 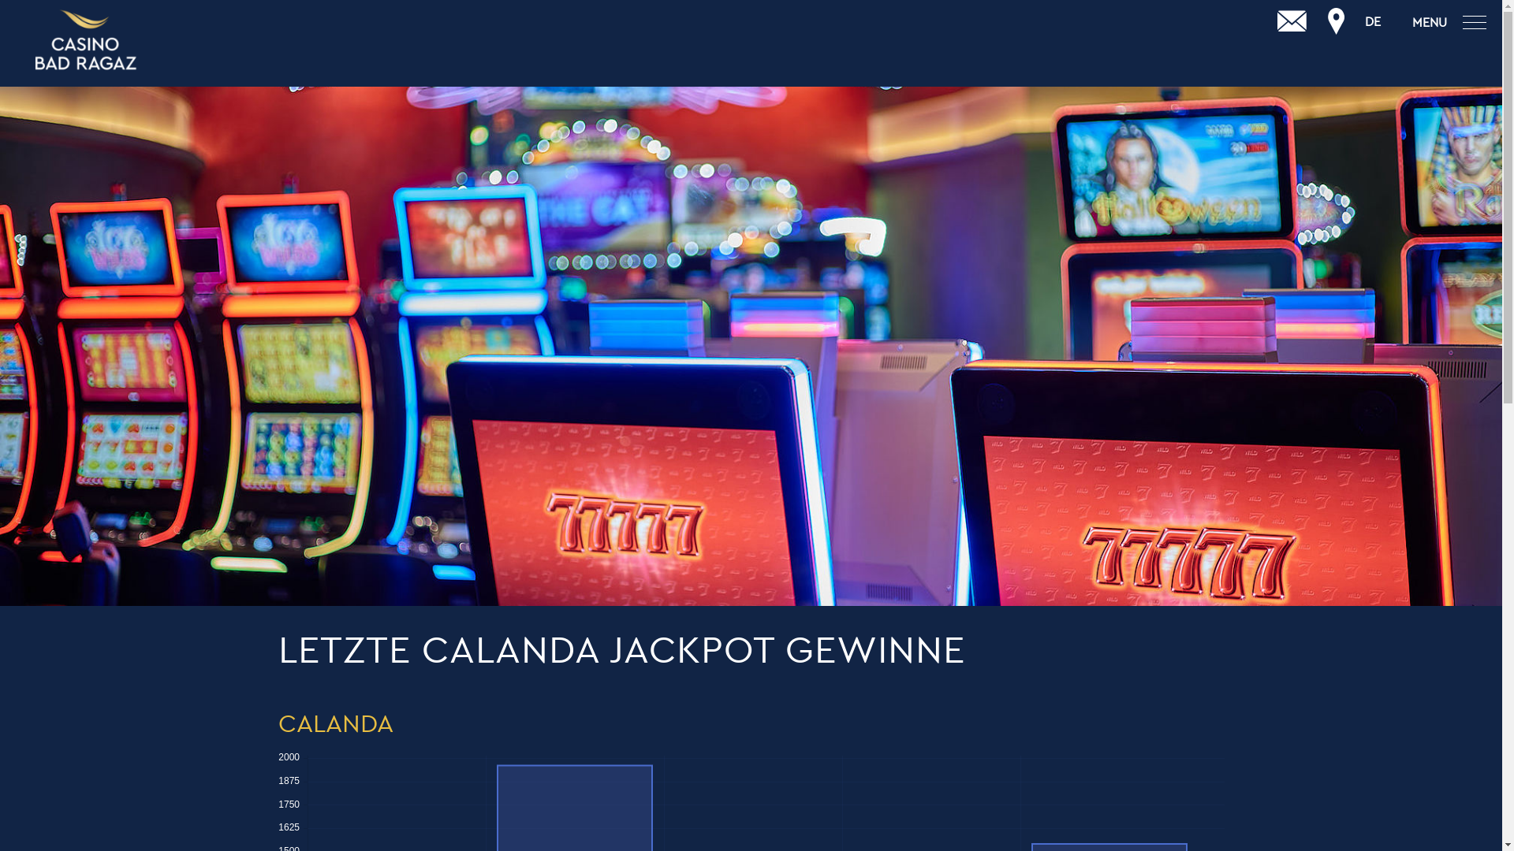 What do you see at coordinates (1292, 21) in the screenshot?
I see `'Kontakt'` at bounding box center [1292, 21].